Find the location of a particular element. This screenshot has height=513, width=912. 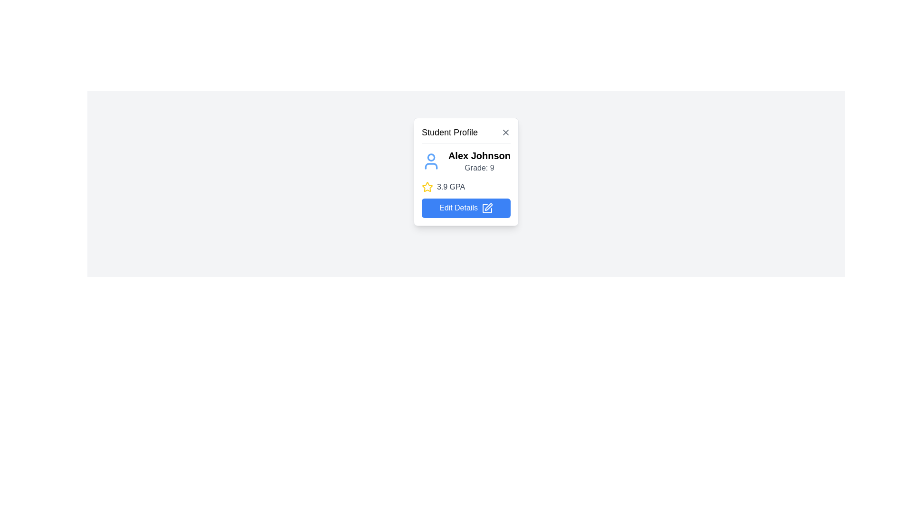

the star-shaped icon with a yellow outline, positioned immediately to the left of the '3.9 GPA' text in the student's profile section is located at coordinates (427, 187).